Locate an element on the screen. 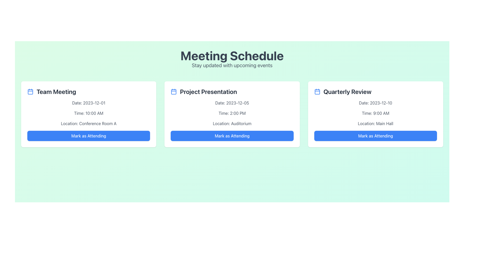 Image resolution: width=495 pixels, height=278 pixels. the static blue calendar icon located at the top-left of the 'Quarterly Review' event card is located at coordinates (317, 91).